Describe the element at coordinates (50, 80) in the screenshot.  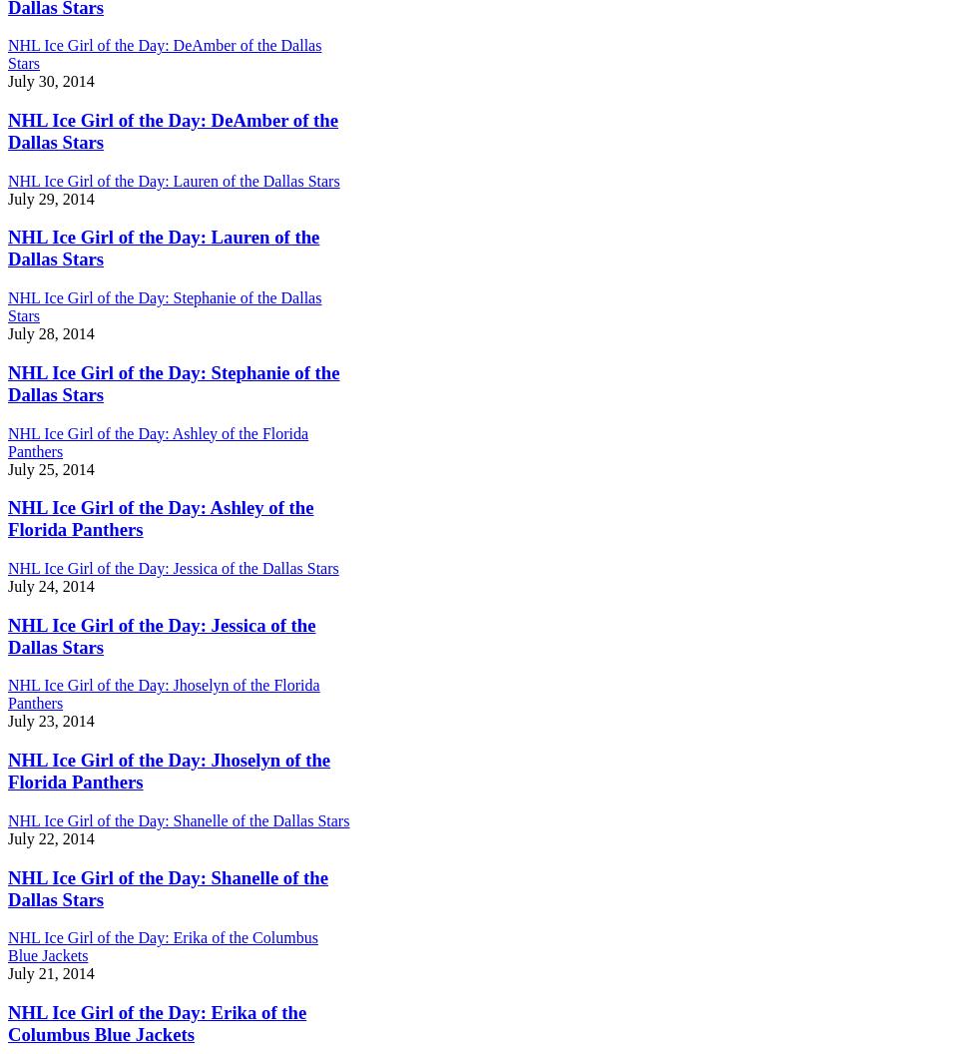
I see `'July 30, 2014'` at that location.